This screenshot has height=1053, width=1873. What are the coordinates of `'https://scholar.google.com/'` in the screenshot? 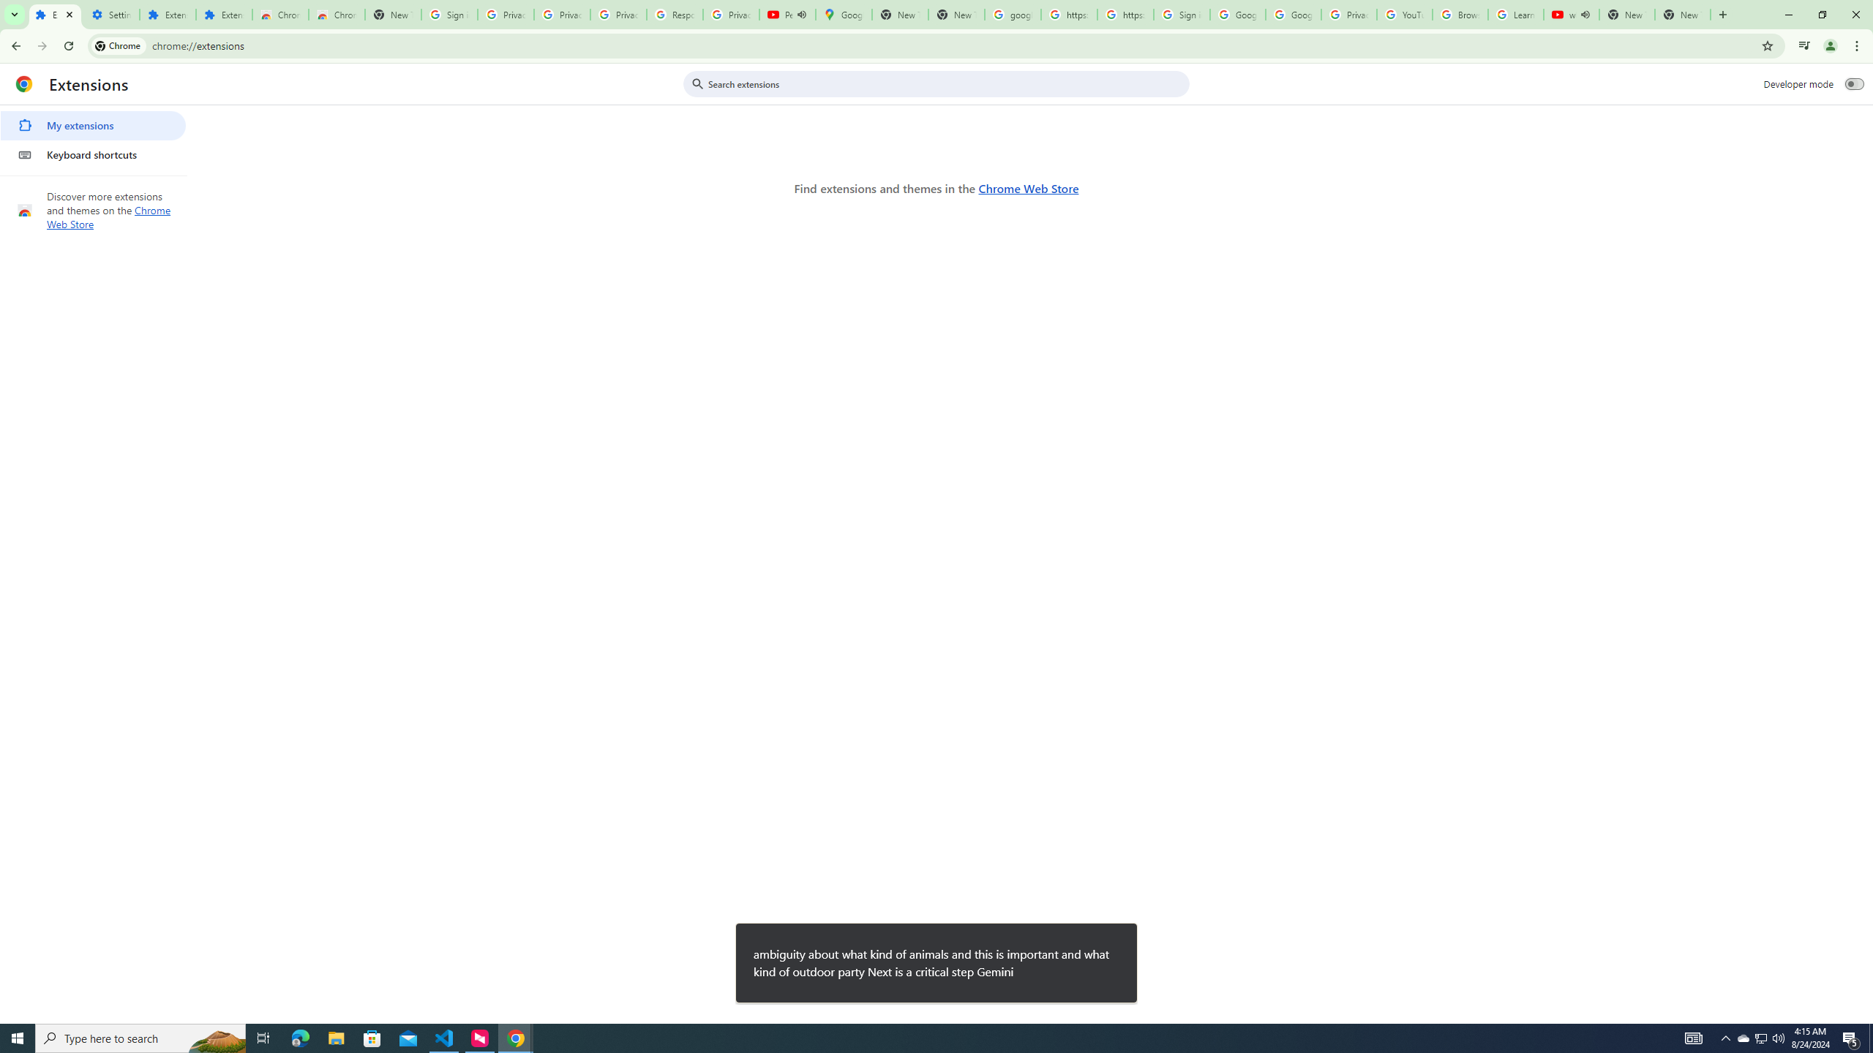 It's located at (1125, 14).